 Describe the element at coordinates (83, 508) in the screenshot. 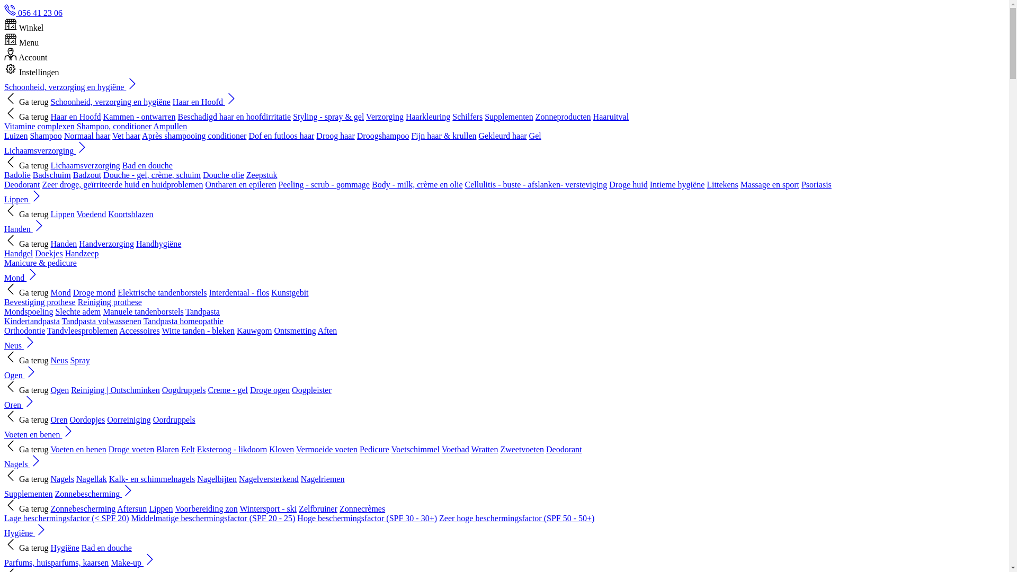

I see `'Zonnebescherming'` at that location.